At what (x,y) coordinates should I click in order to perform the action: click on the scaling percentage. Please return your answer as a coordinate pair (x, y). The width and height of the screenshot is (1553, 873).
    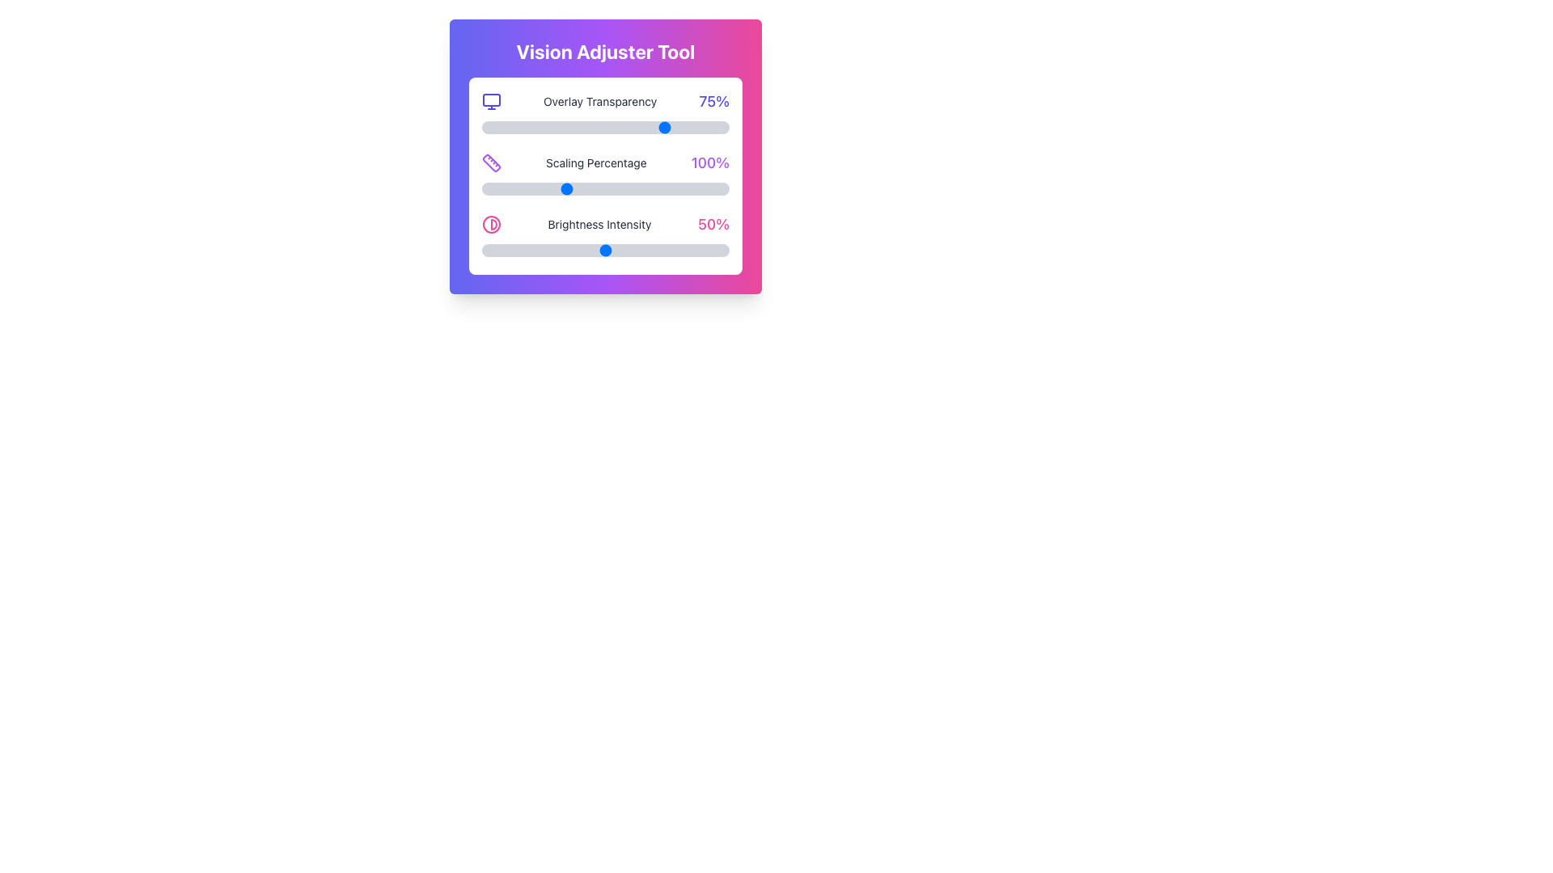
    Looking at the image, I should click on (588, 188).